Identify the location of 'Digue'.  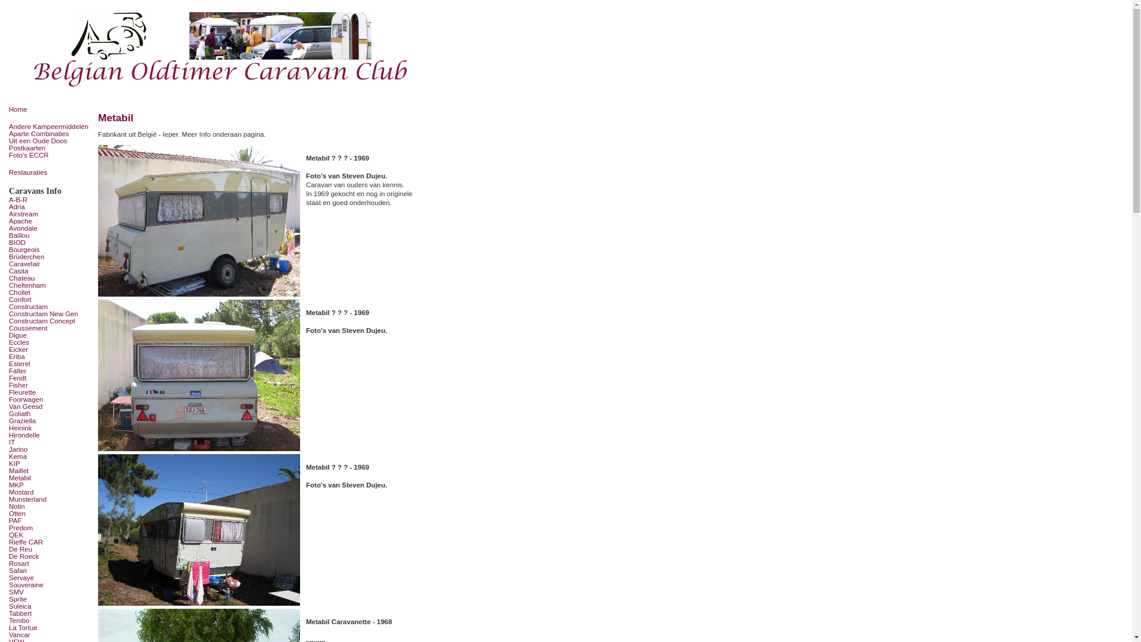
(50, 335).